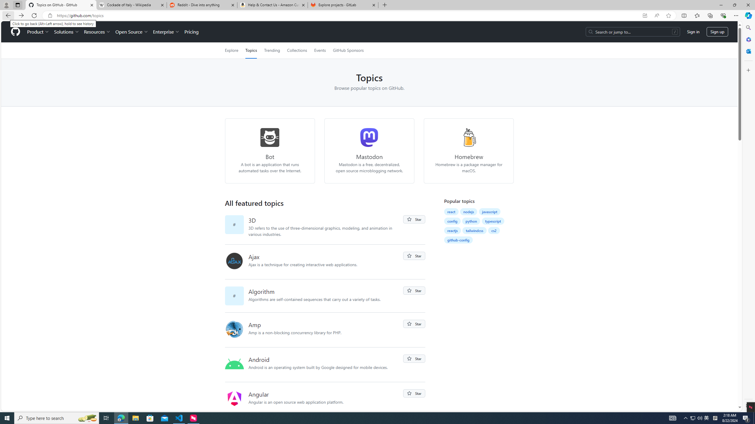 This screenshot has width=755, height=424. Describe the element at coordinates (452, 221) in the screenshot. I see `'config'` at that location.